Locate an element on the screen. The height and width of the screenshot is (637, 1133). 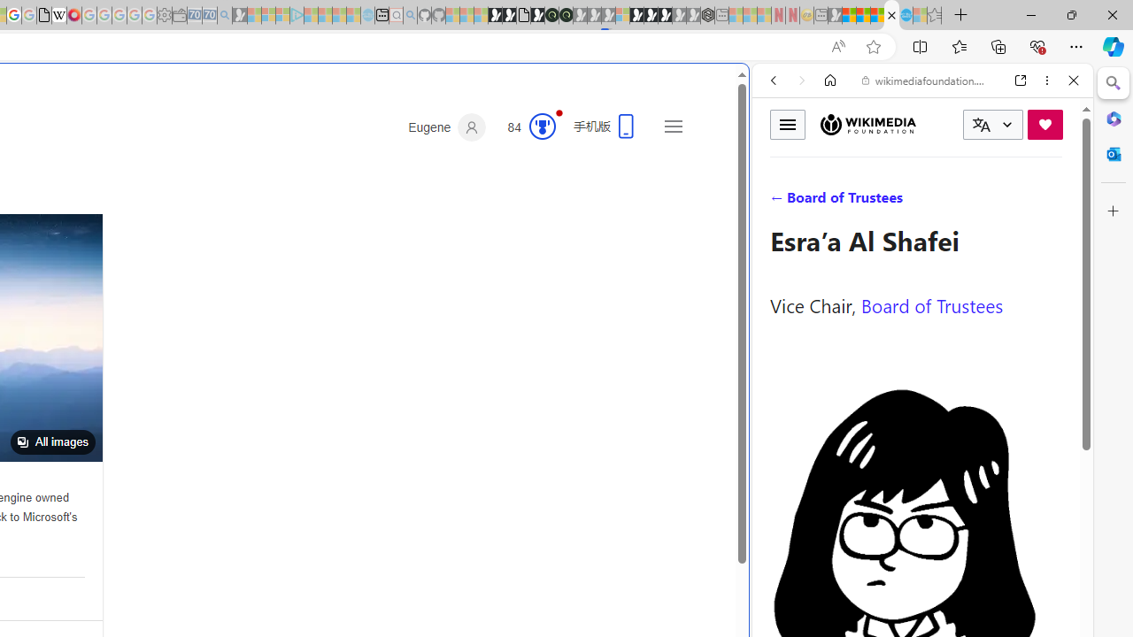
'Class: b_serphb' is located at coordinates (1053, 203).